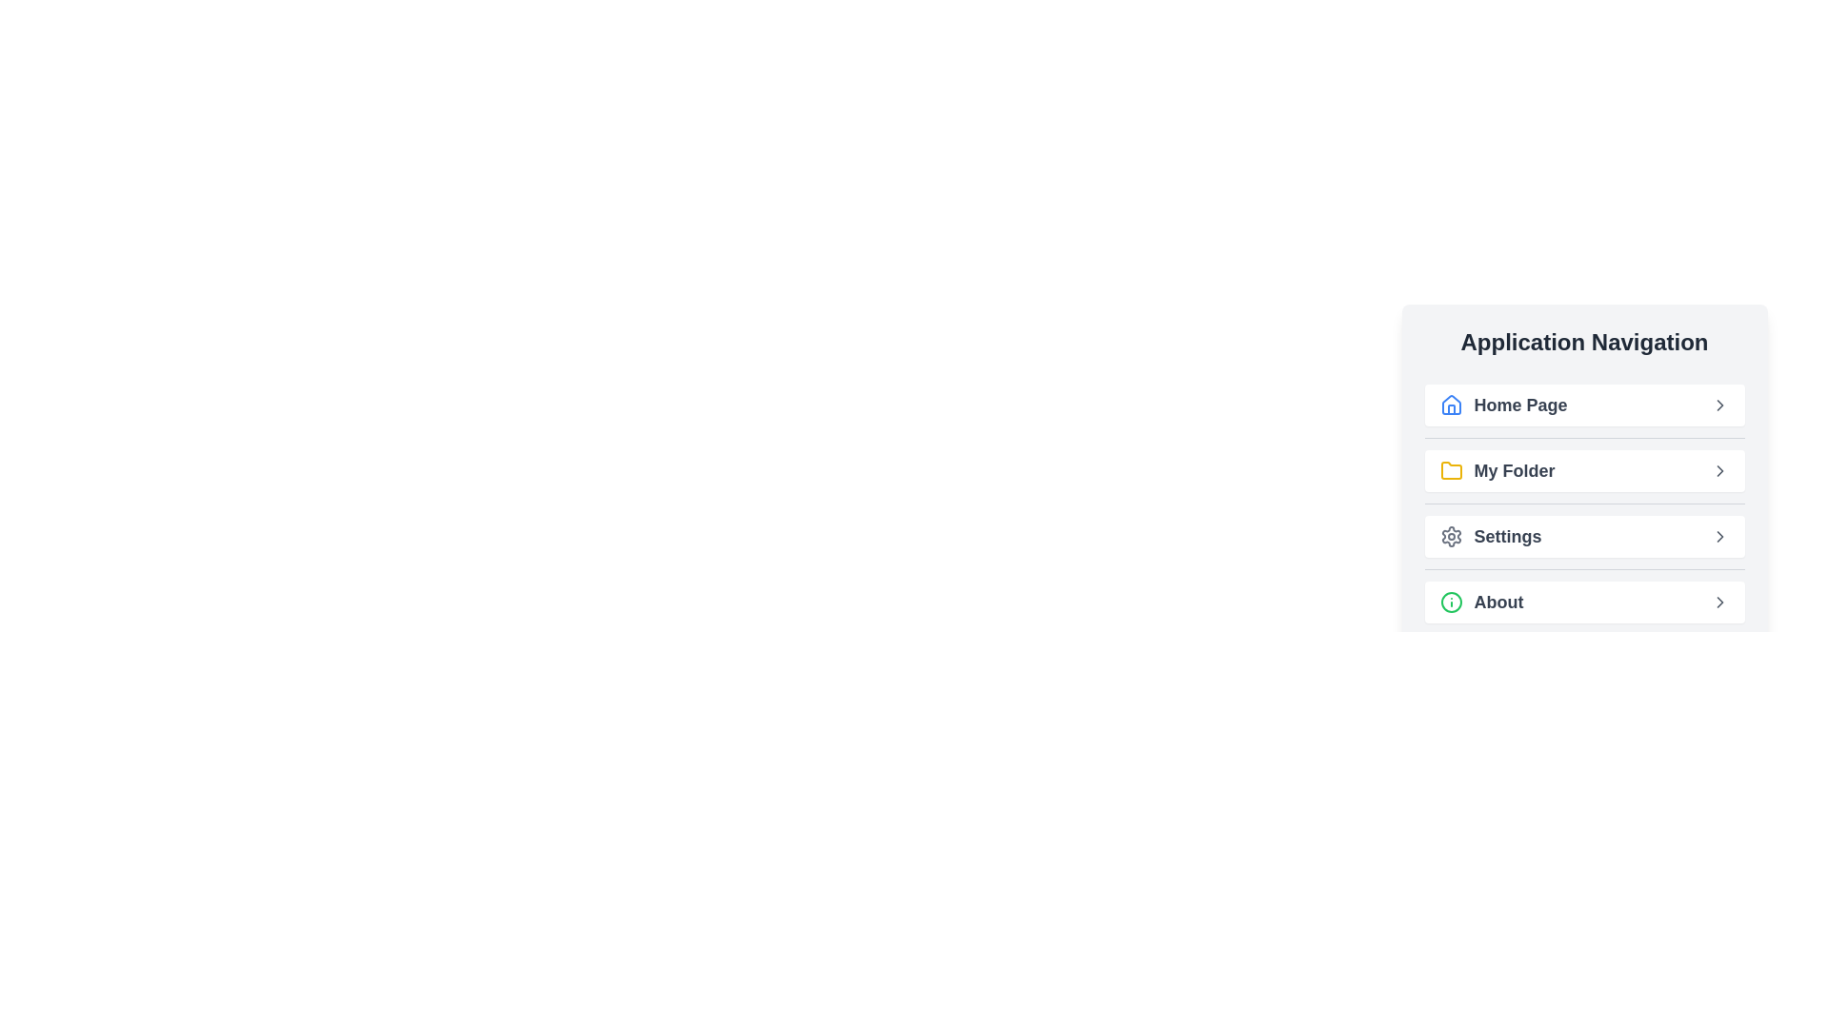 This screenshot has width=1829, height=1028. I want to click on the 'My Folder' navigation menu item, so click(1584, 503).